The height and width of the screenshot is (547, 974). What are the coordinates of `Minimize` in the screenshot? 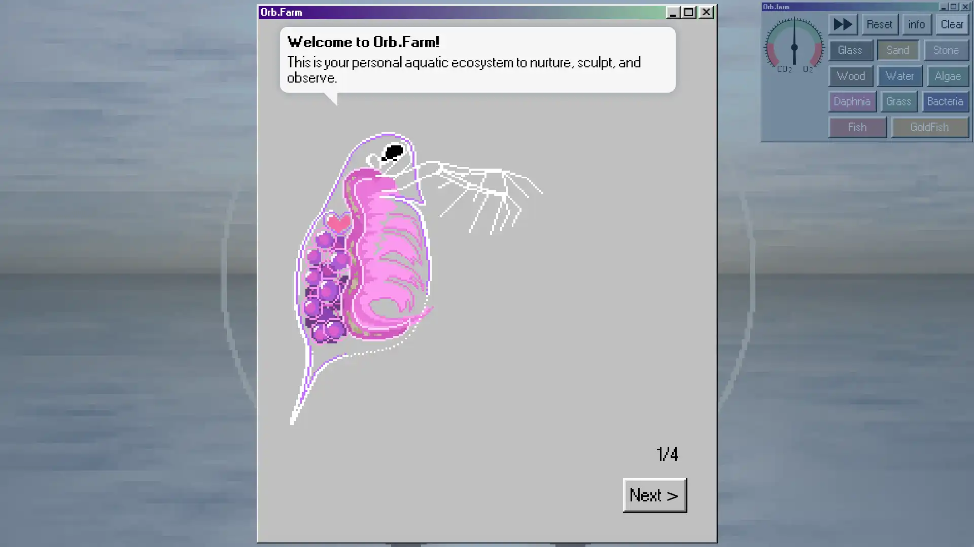 It's located at (755, 5).